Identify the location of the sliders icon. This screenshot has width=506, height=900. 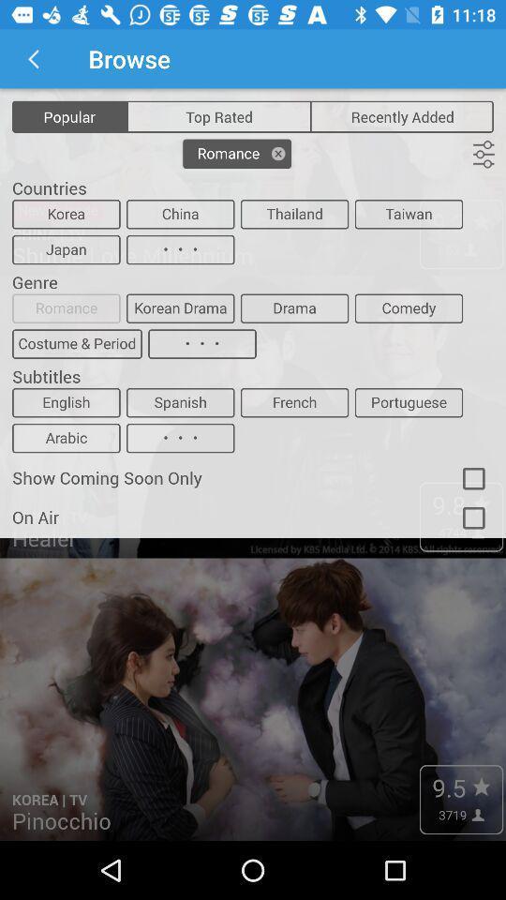
(484, 154).